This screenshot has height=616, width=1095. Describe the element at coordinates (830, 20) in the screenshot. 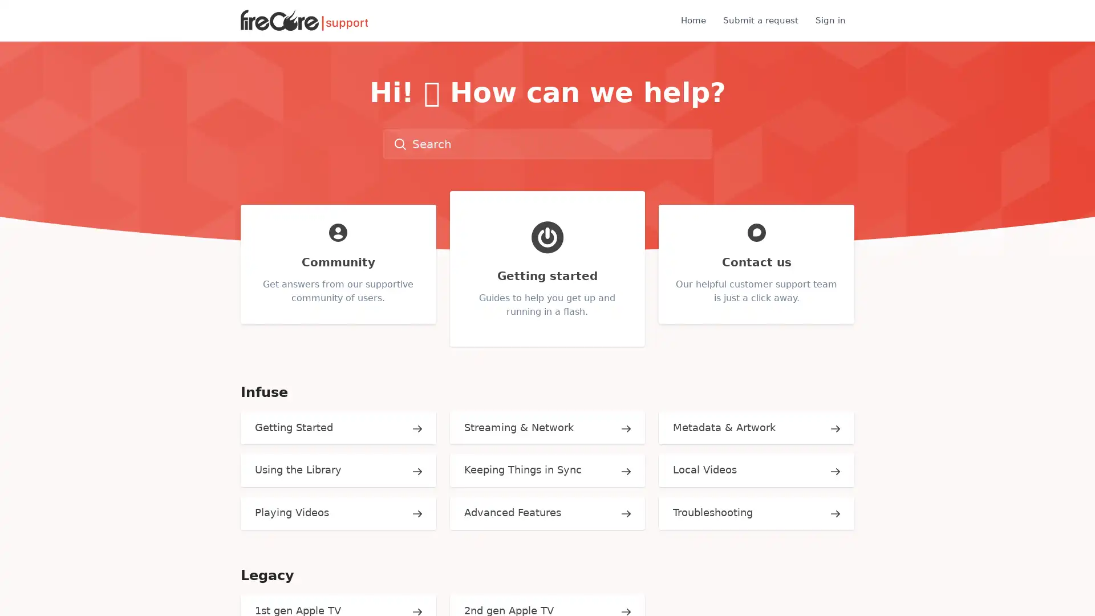

I see `Sign in` at that location.